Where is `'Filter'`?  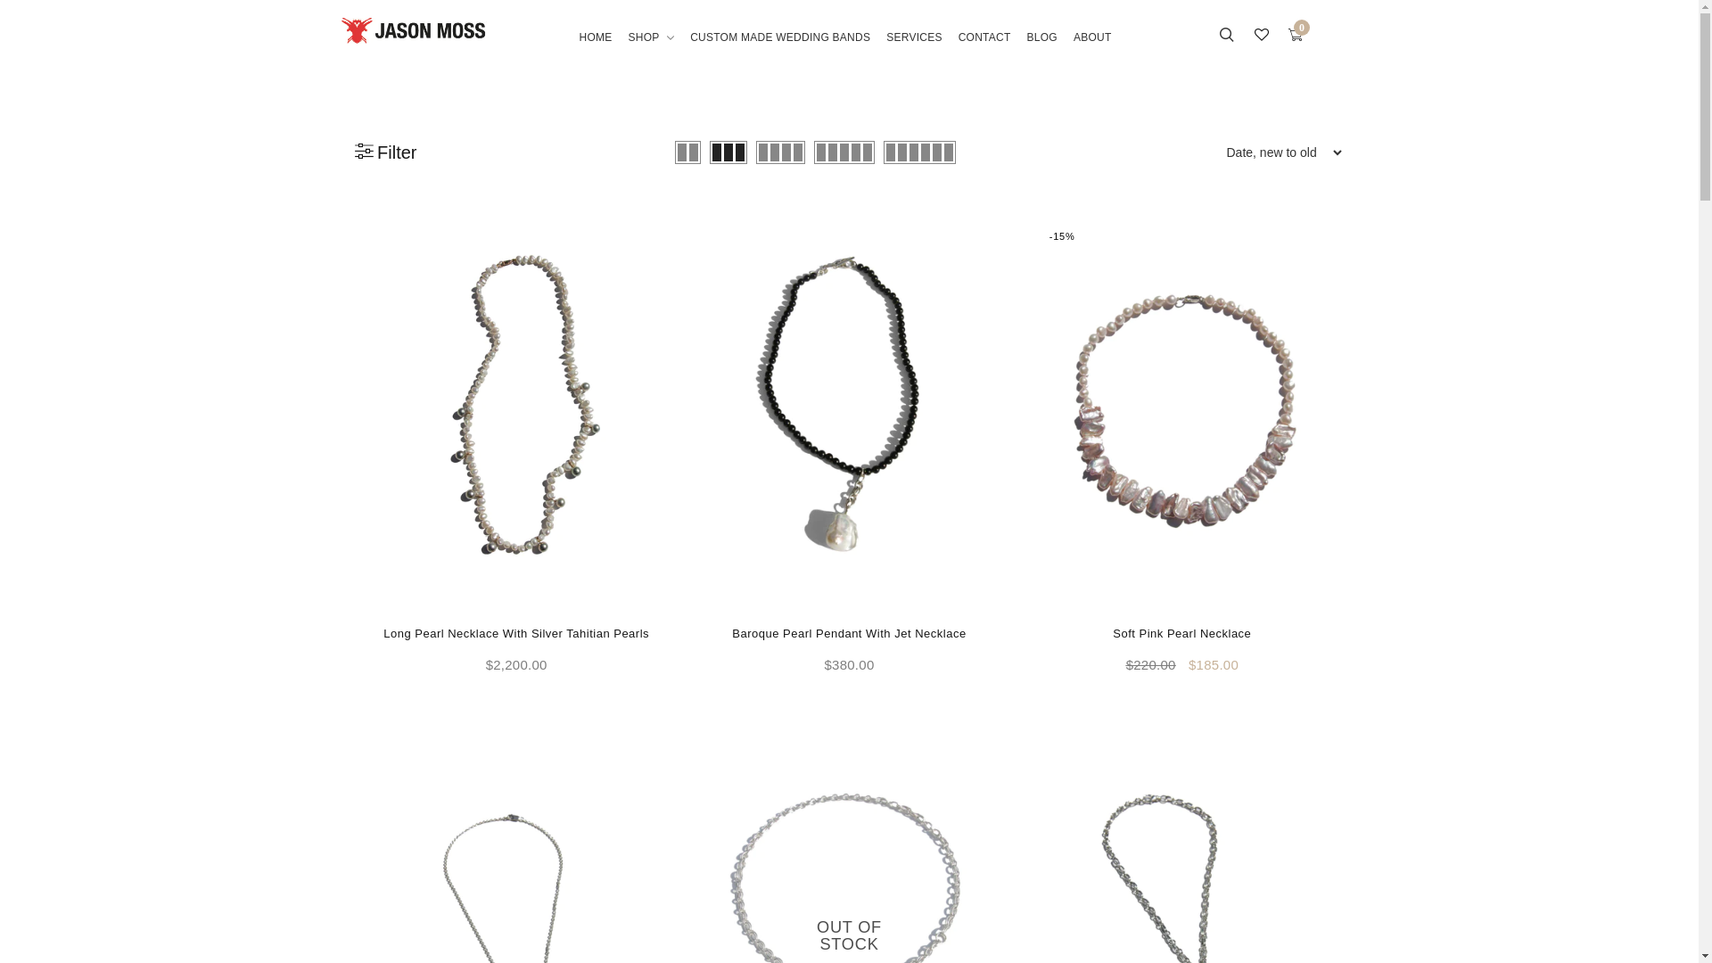 'Filter' is located at coordinates (384, 151).